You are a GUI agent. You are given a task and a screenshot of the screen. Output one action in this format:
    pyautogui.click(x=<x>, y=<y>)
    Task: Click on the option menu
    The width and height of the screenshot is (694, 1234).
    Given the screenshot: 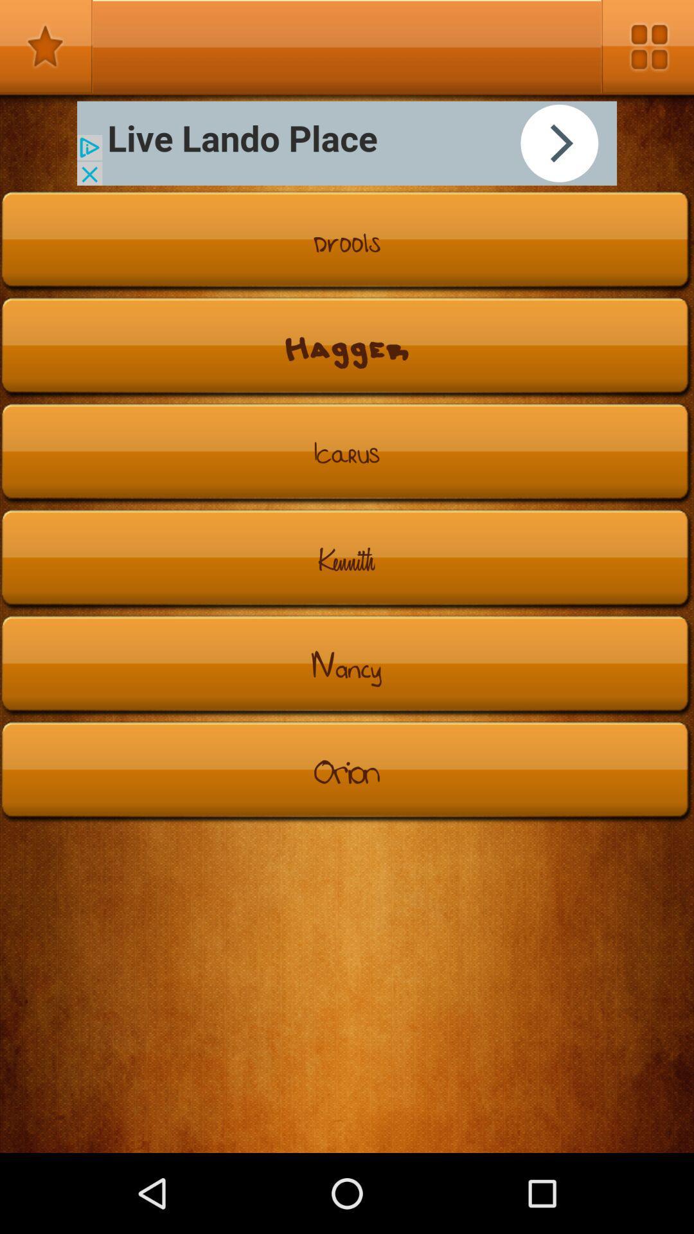 What is the action you would take?
    pyautogui.click(x=647, y=46)
    